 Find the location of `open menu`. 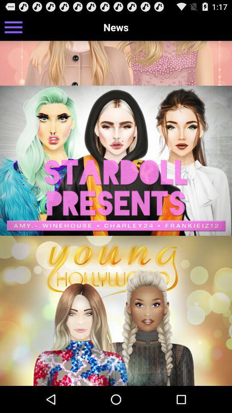

open menu is located at coordinates (13, 27).